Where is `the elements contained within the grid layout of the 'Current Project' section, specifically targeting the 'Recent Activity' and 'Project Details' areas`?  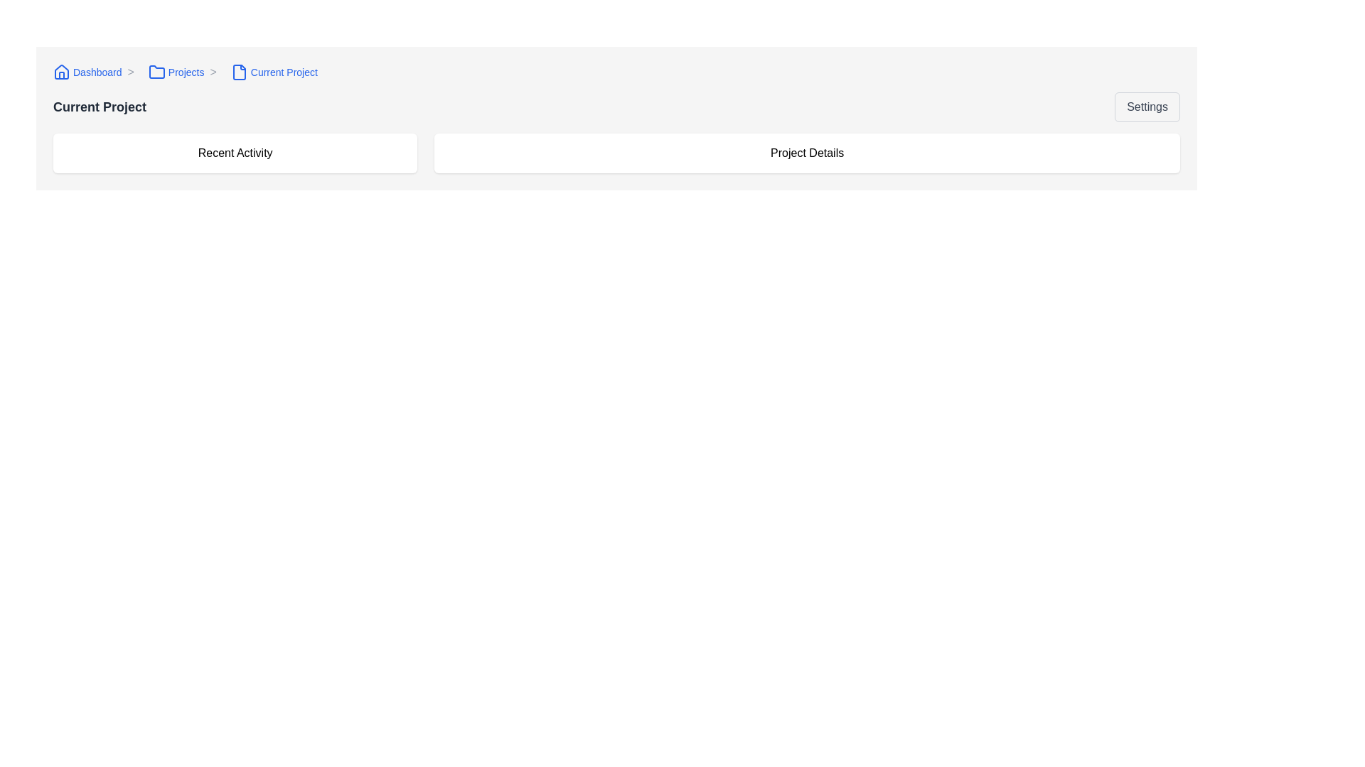 the elements contained within the grid layout of the 'Current Project' section, specifically targeting the 'Recent Activity' and 'Project Details' areas is located at coordinates (616, 153).